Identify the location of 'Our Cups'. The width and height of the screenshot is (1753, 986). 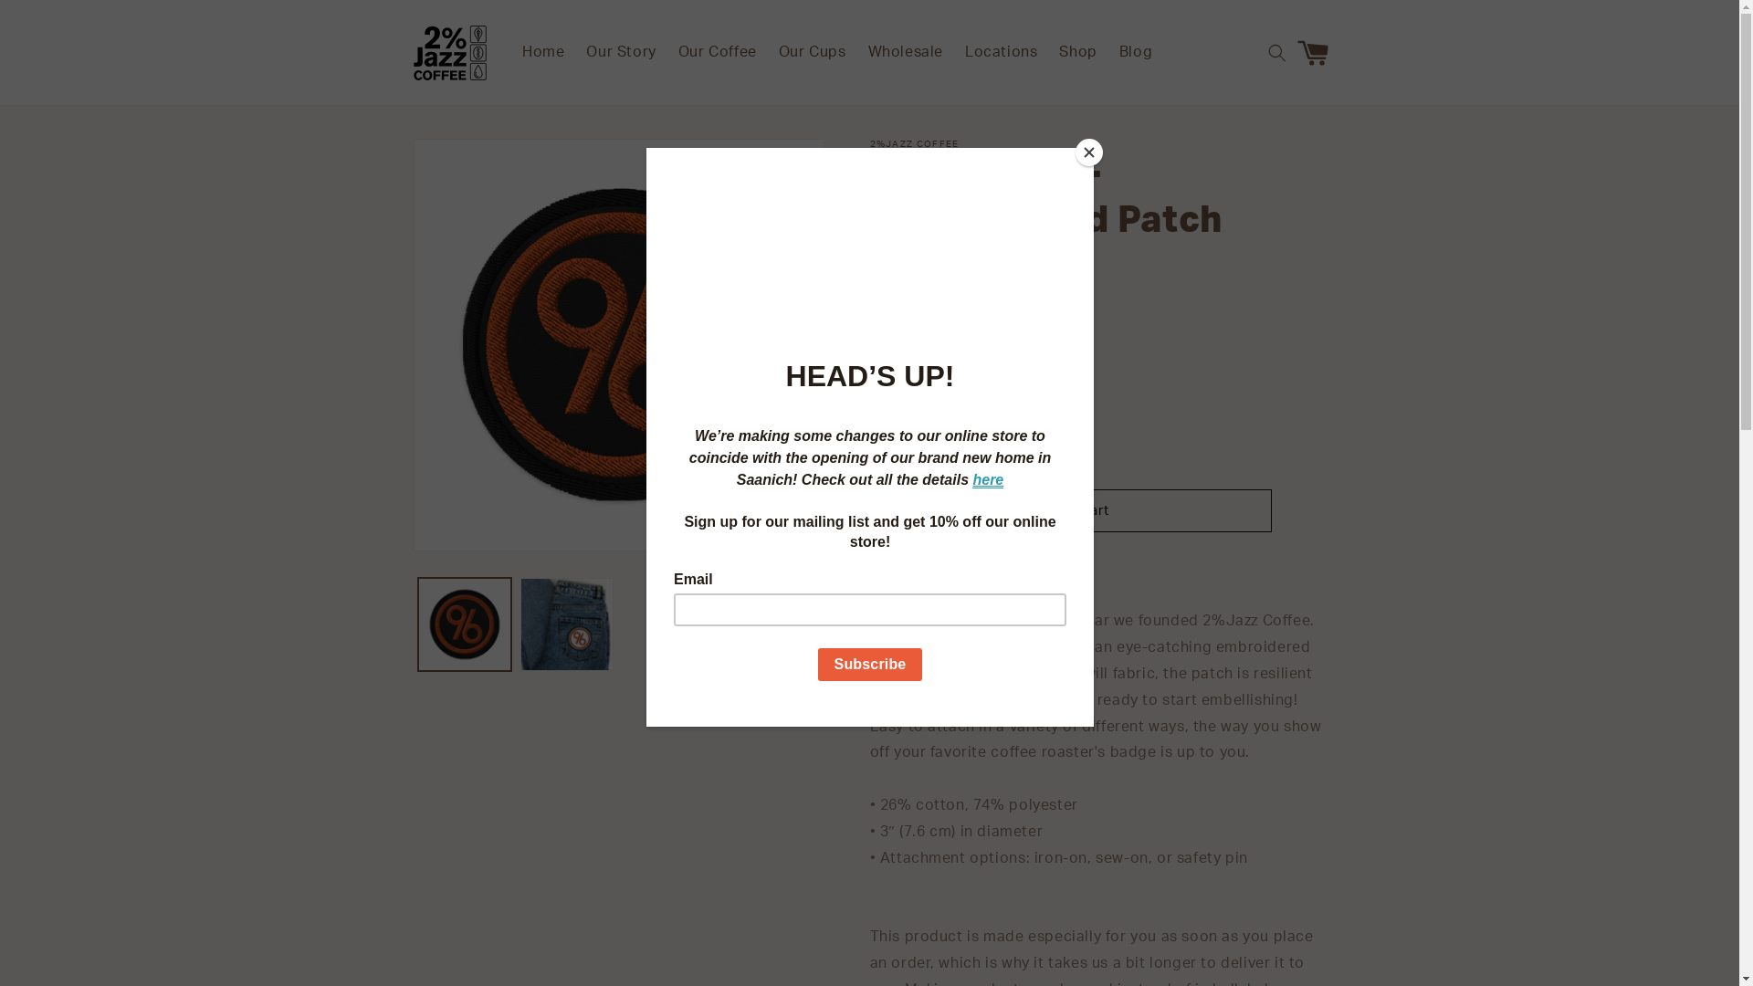
(767, 51).